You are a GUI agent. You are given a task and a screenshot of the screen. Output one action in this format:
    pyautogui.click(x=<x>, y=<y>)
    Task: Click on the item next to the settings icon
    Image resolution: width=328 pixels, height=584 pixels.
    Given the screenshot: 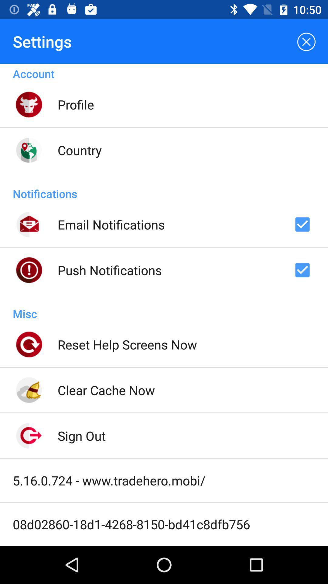 What is the action you would take?
    pyautogui.click(x=306, y=41)
    